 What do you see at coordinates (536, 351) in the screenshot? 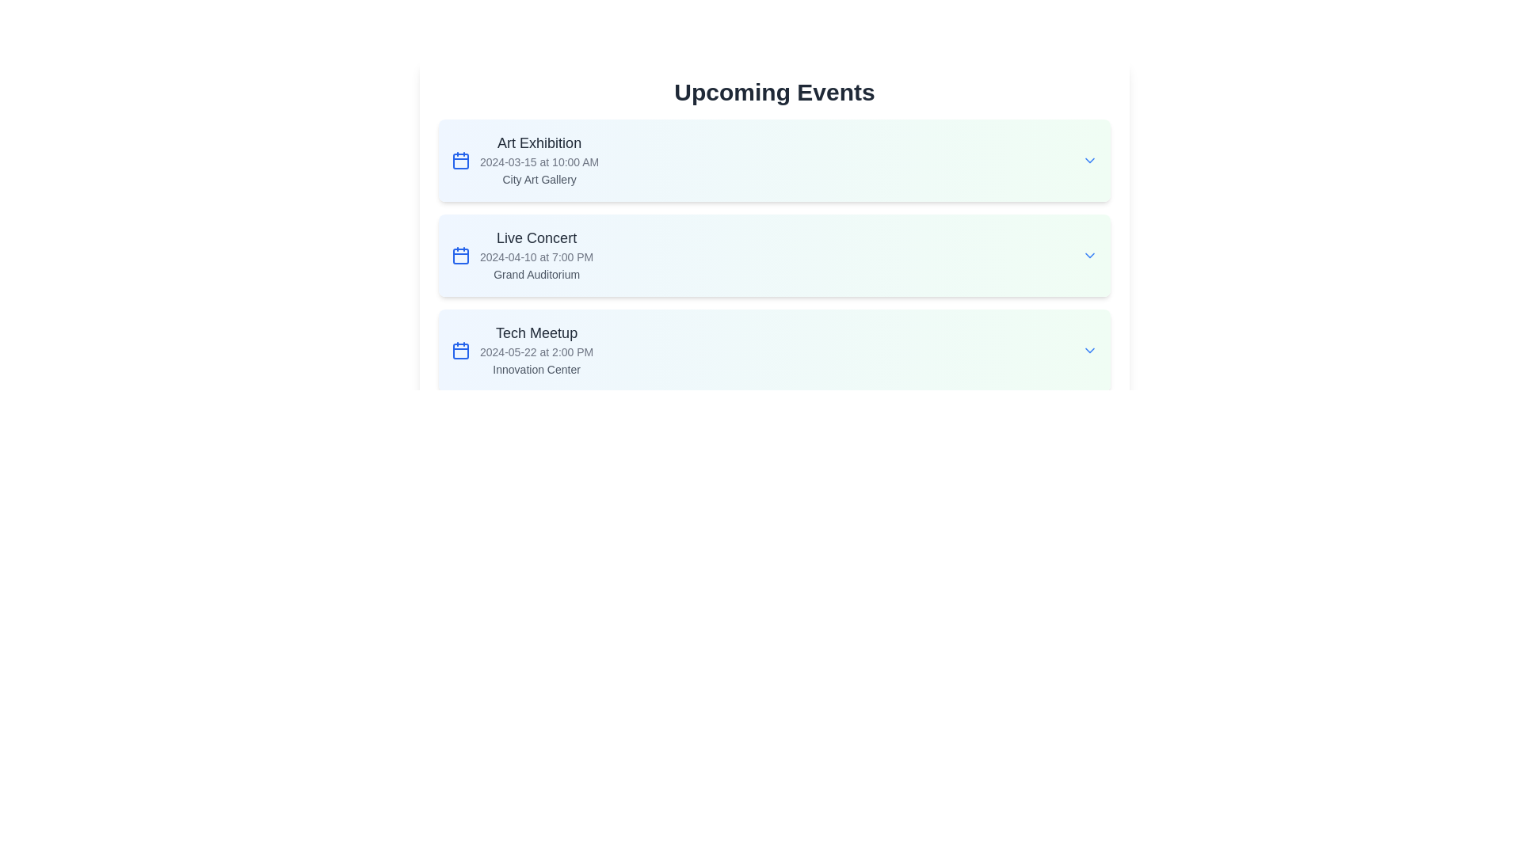
I see `the timestamp displaying '2024-05-22 at 2:00 PM' in the 'Tech Meetup' section of the 'Upcoming Events' panel` at bounding box center [536, 351].